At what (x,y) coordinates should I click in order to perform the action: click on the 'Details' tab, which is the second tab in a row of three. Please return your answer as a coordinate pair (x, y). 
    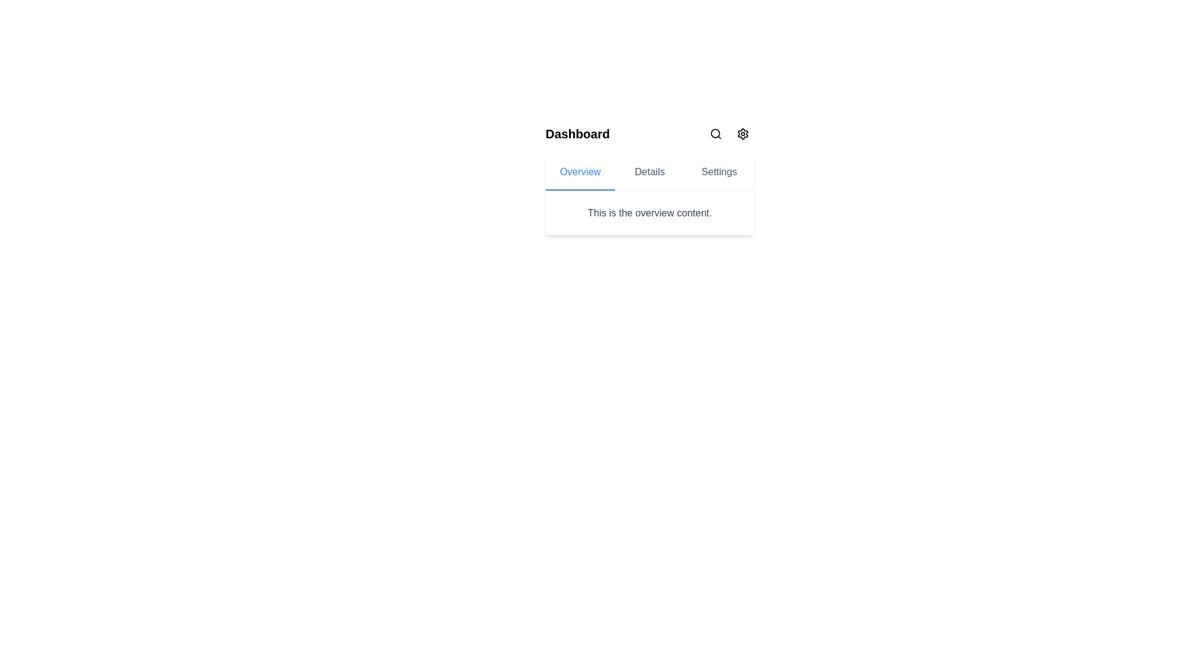
    Looking at the image, I should click on (649, 173).